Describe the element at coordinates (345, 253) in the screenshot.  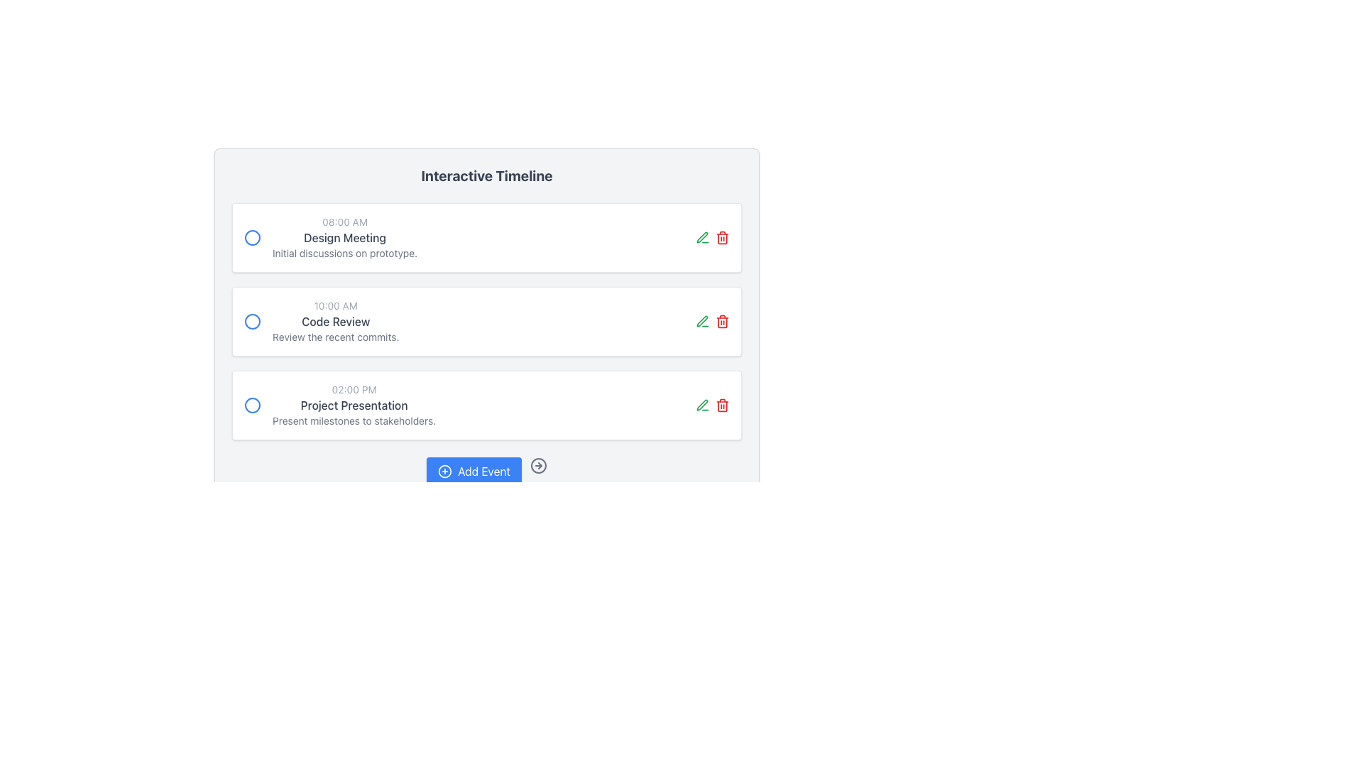
I see `text label that displays 'Initial discussions on prototype.' which is styled in small gray font and located under the 'Design Meeting' title in the timeline event box` at that location.